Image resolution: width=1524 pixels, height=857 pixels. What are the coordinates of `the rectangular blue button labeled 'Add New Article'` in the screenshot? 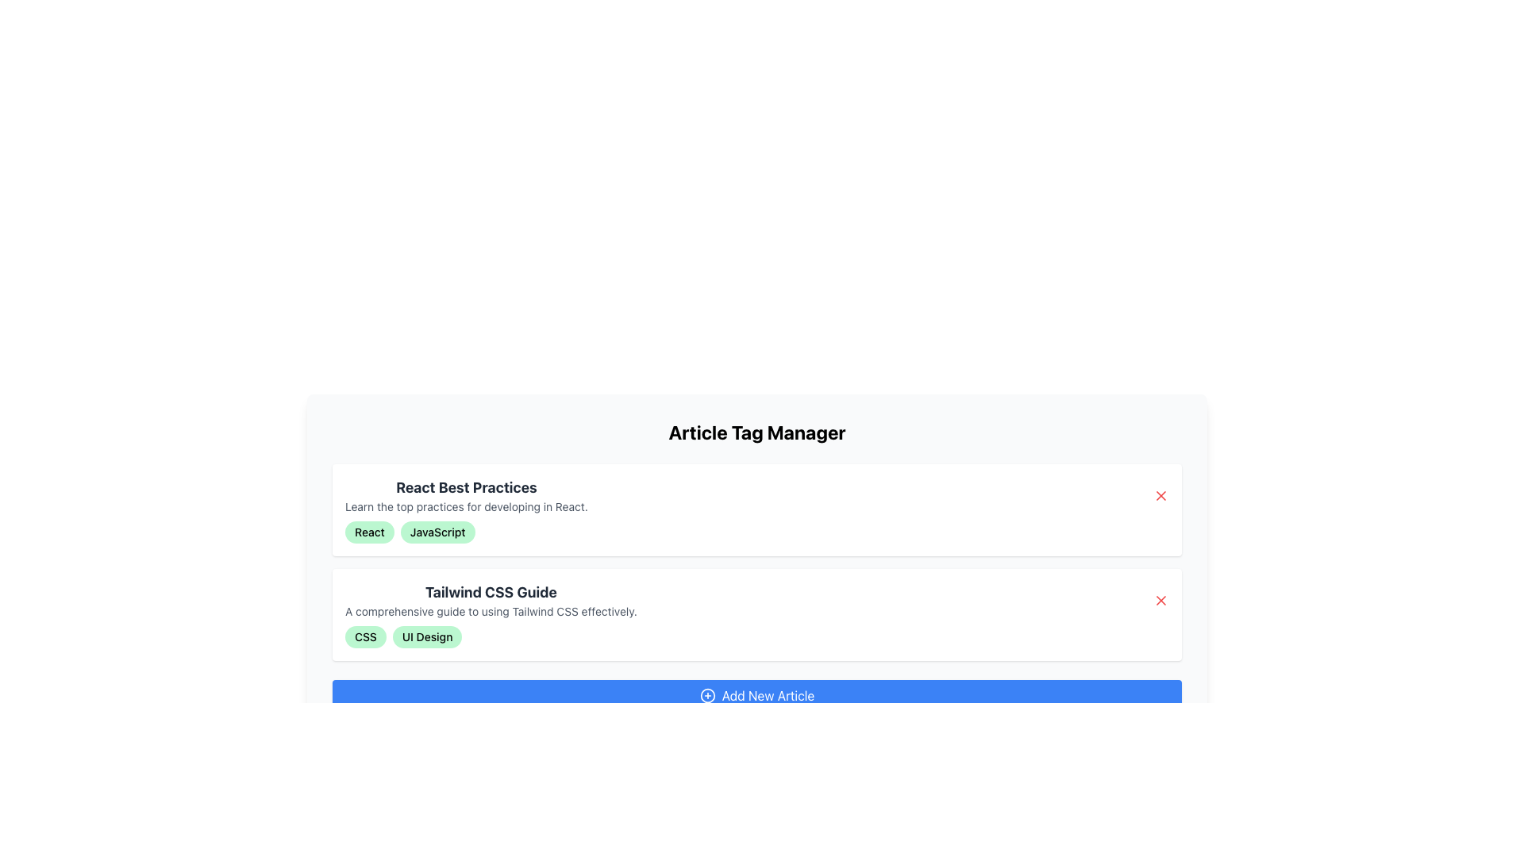 It's located at (756, 694).